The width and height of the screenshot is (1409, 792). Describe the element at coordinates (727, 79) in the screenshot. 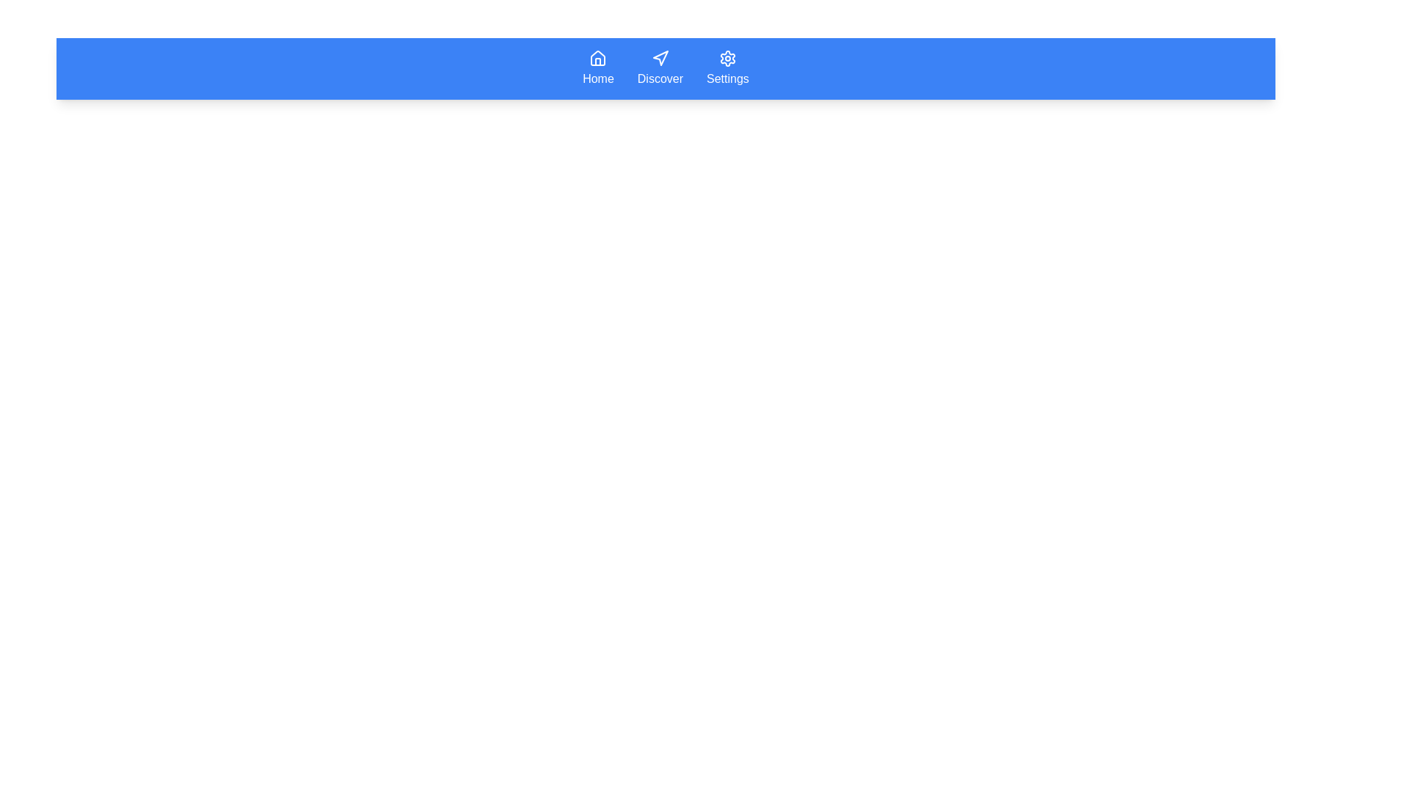

I see `the 'Settings' text label element` at that location.